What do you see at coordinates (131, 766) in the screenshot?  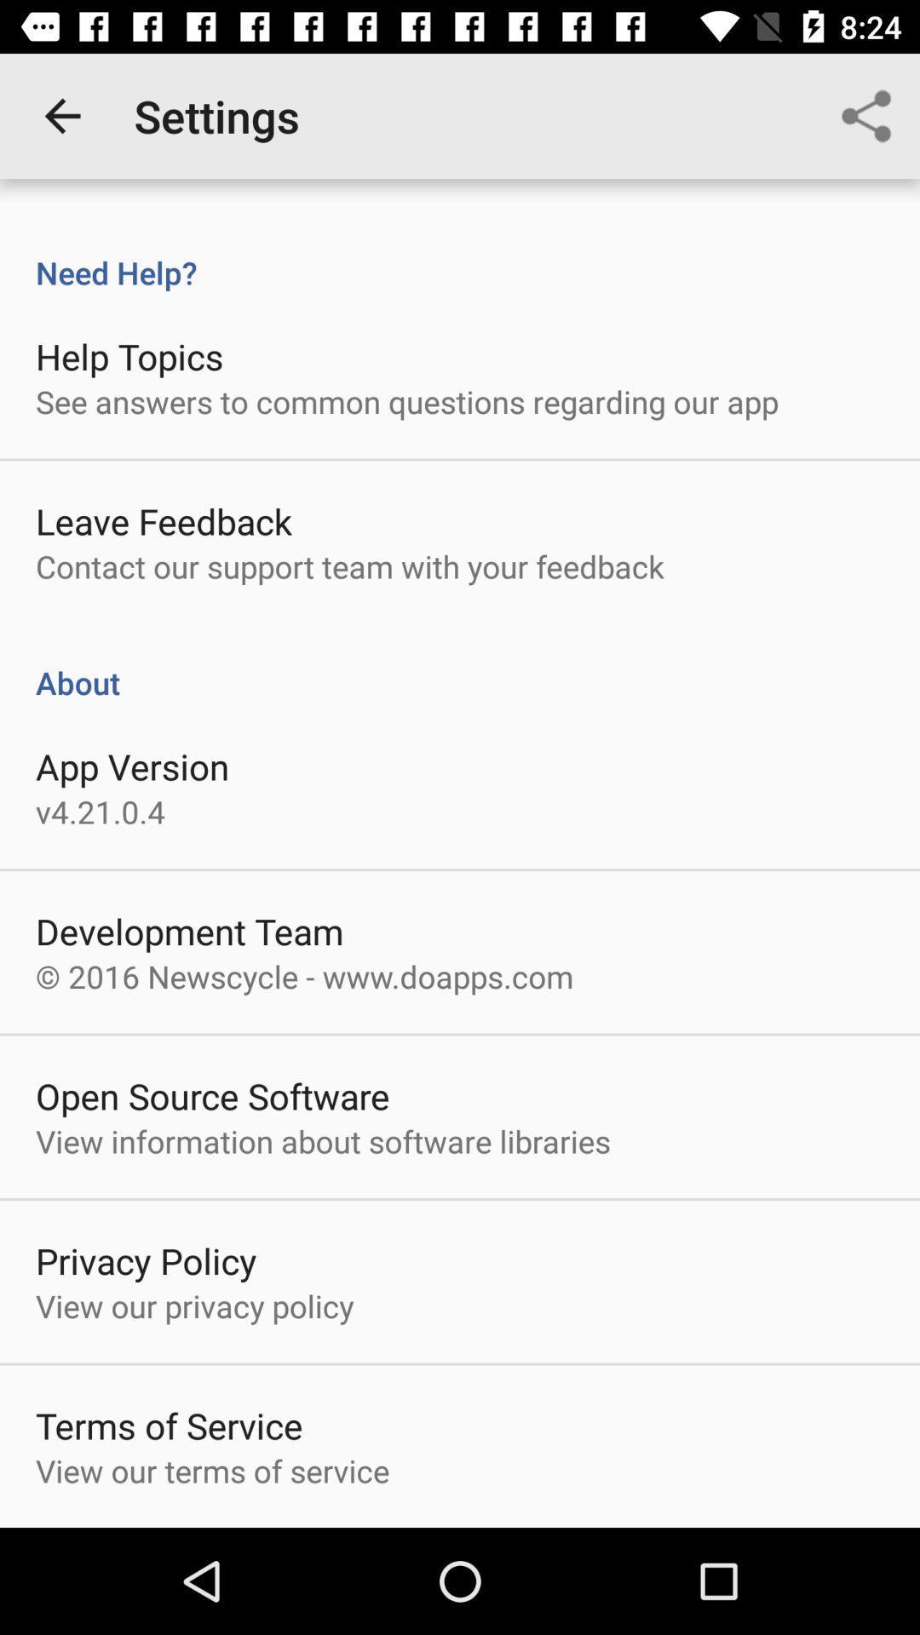 I see `the app version icon` at bounding box center [131, 766].